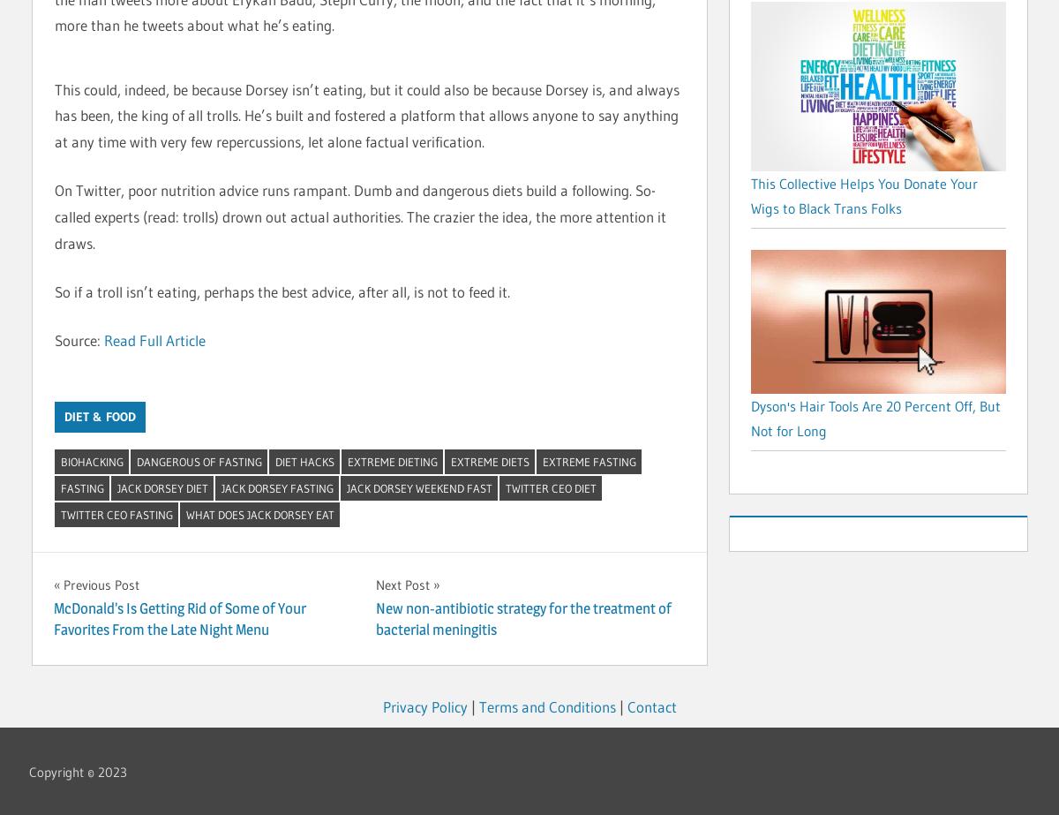 Image resolution: width=1059 pixels, height=815 pixels. Describe the element at coordinates (651, 706) in the screenshot. I see `'Contact'` at that location.